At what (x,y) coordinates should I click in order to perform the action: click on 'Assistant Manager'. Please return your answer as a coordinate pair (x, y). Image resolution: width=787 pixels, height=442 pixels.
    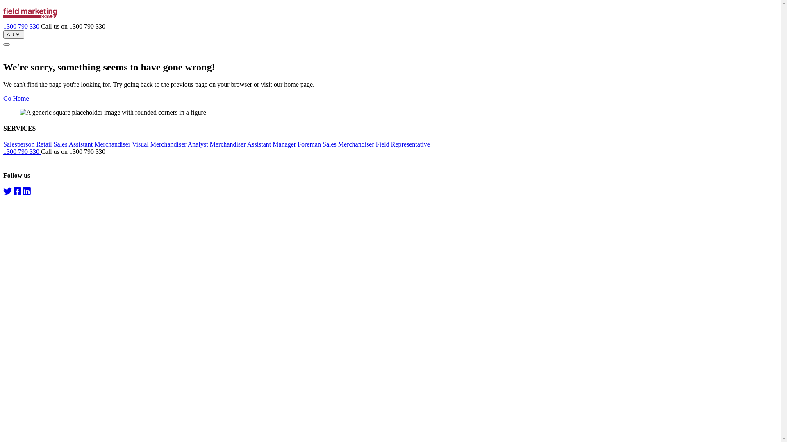
    Looking at the image, I should click on (247, 144).